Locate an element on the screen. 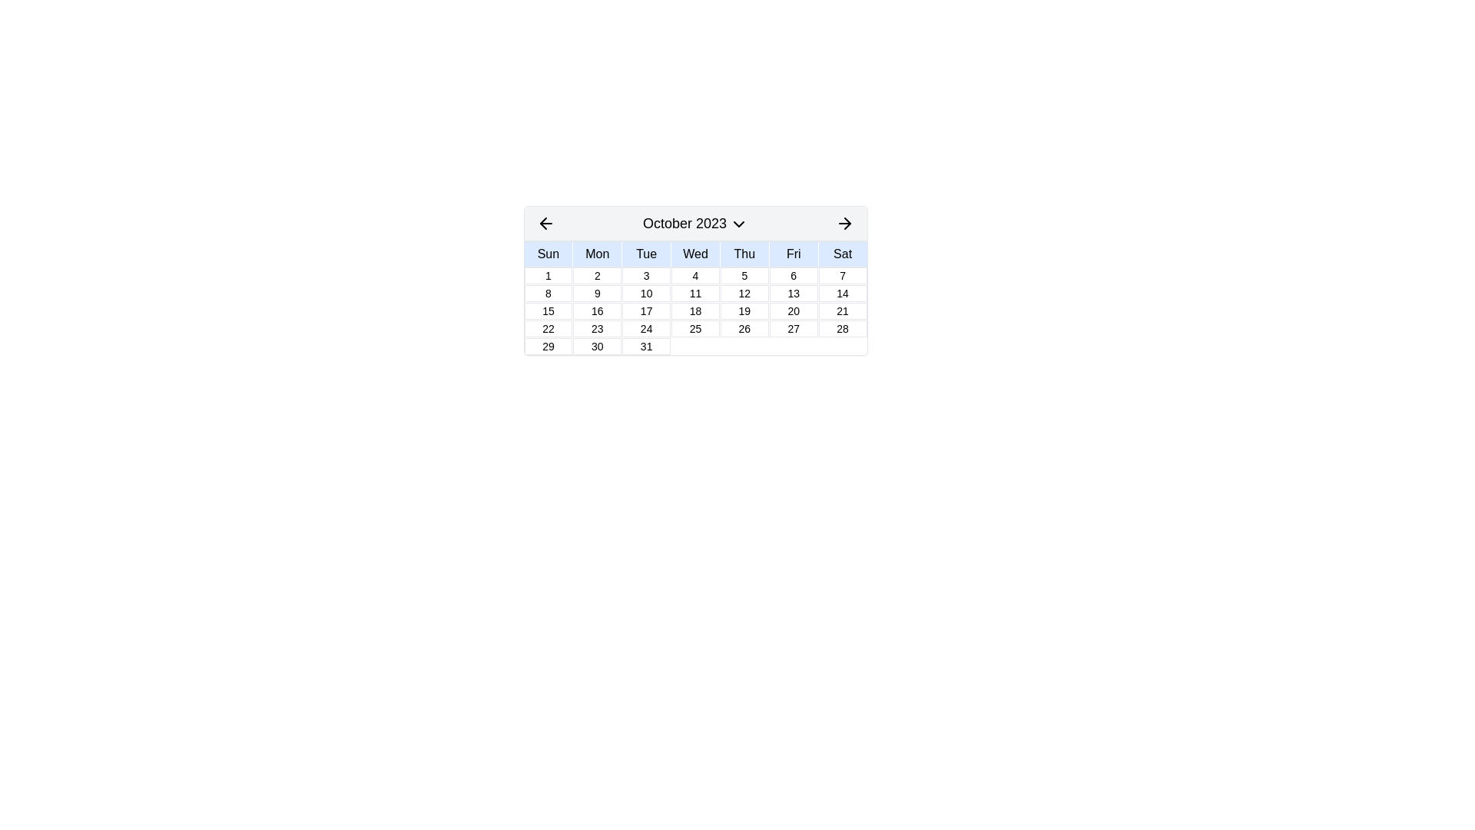 Image resolution: width=1475 pixels, height=830 pixels. the date label is located at coordinates (793, 328).